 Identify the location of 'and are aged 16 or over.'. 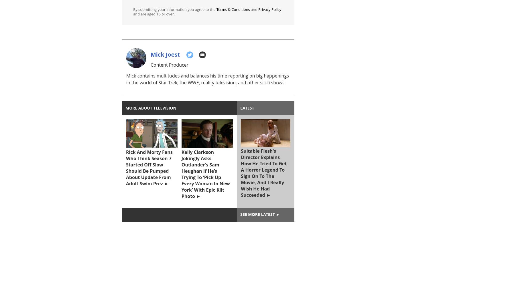
(153, 14).